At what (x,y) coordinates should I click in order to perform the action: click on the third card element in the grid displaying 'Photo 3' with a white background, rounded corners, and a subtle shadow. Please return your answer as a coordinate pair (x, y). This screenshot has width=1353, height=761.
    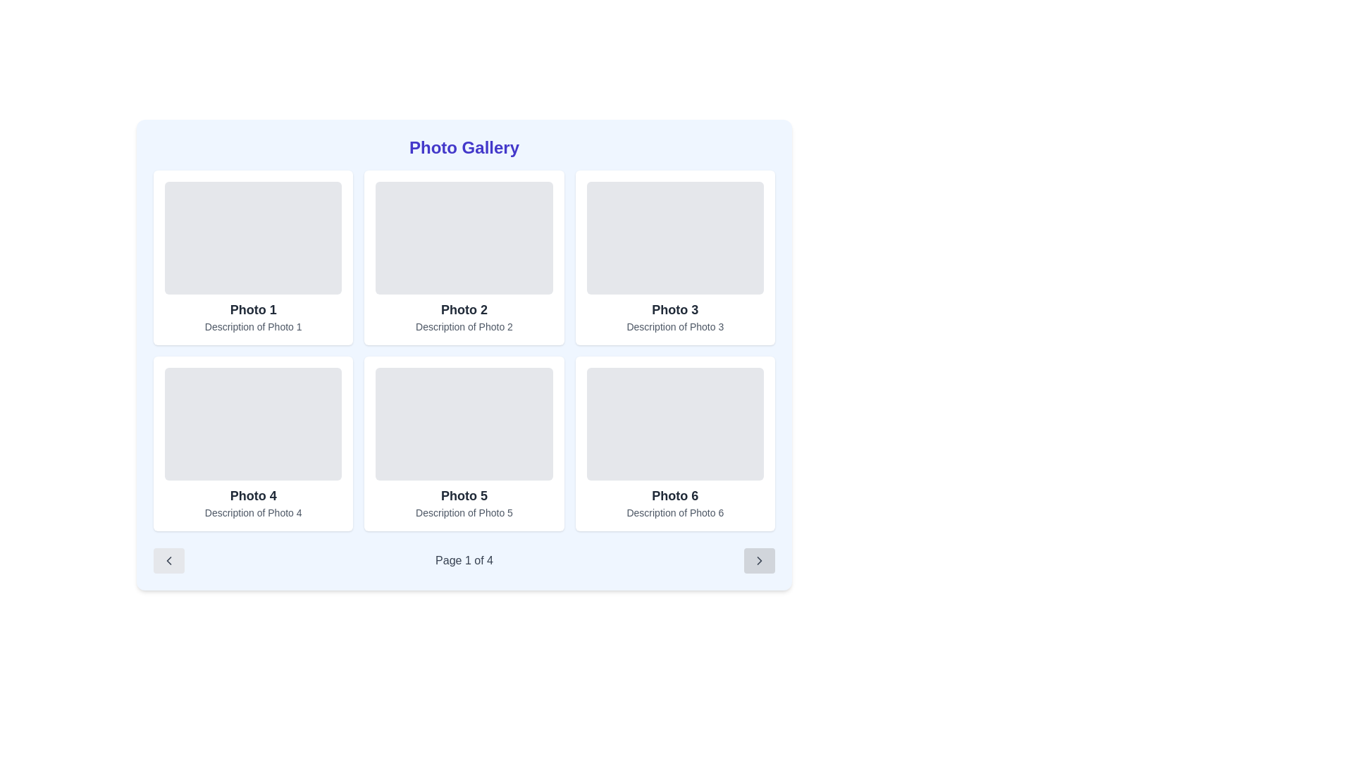
    Looking at the image, I should click on (674, 258).